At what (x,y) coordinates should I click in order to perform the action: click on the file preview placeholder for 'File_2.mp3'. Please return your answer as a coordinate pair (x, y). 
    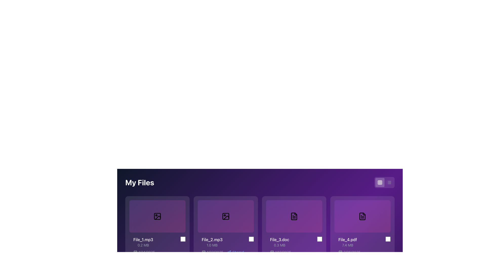
    Looking at the image, I should click on (226, 216).